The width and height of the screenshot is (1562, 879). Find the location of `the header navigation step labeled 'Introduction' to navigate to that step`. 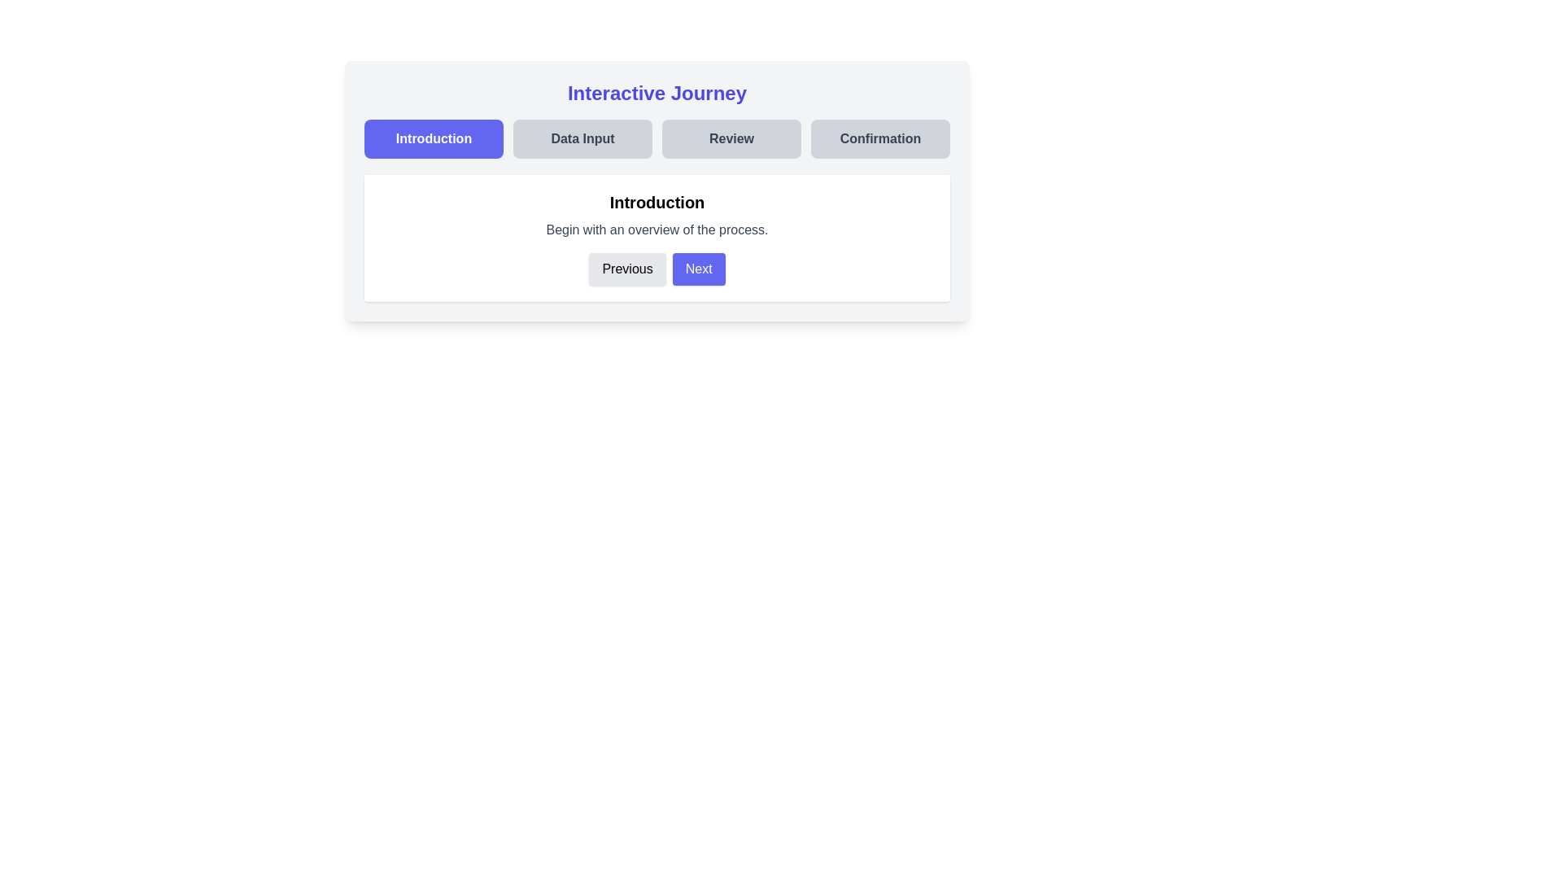

the header navigation step labeled 'Introduction' to navigate to that step is located at coordinates (434, 138).